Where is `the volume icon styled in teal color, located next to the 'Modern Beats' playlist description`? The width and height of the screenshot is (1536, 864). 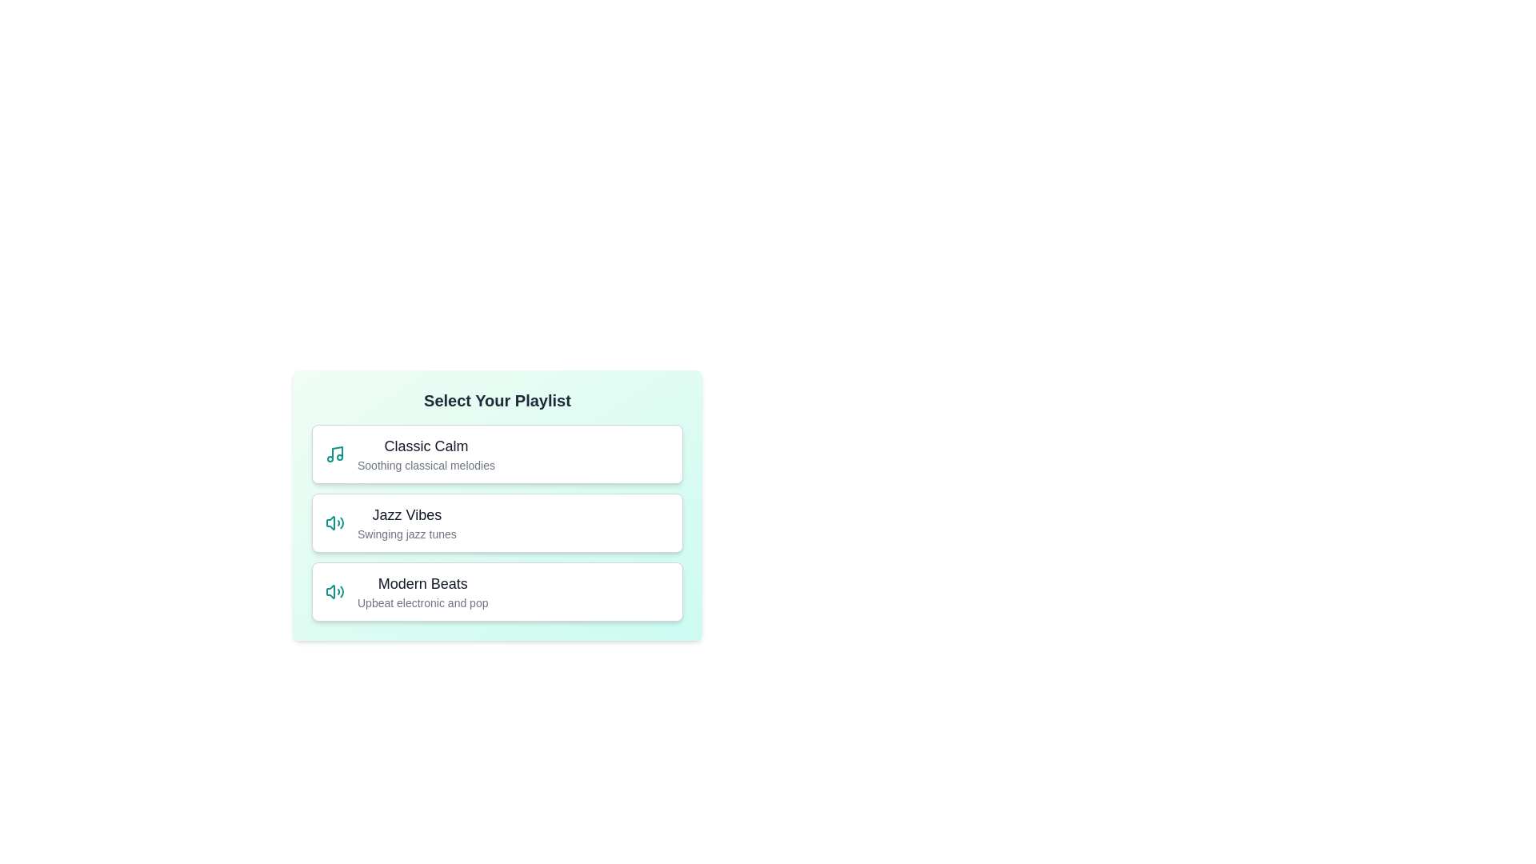 the volume icon styled in teal color, located next to the 'Modern Beats' playlist description is located at coordinates (334, 592).